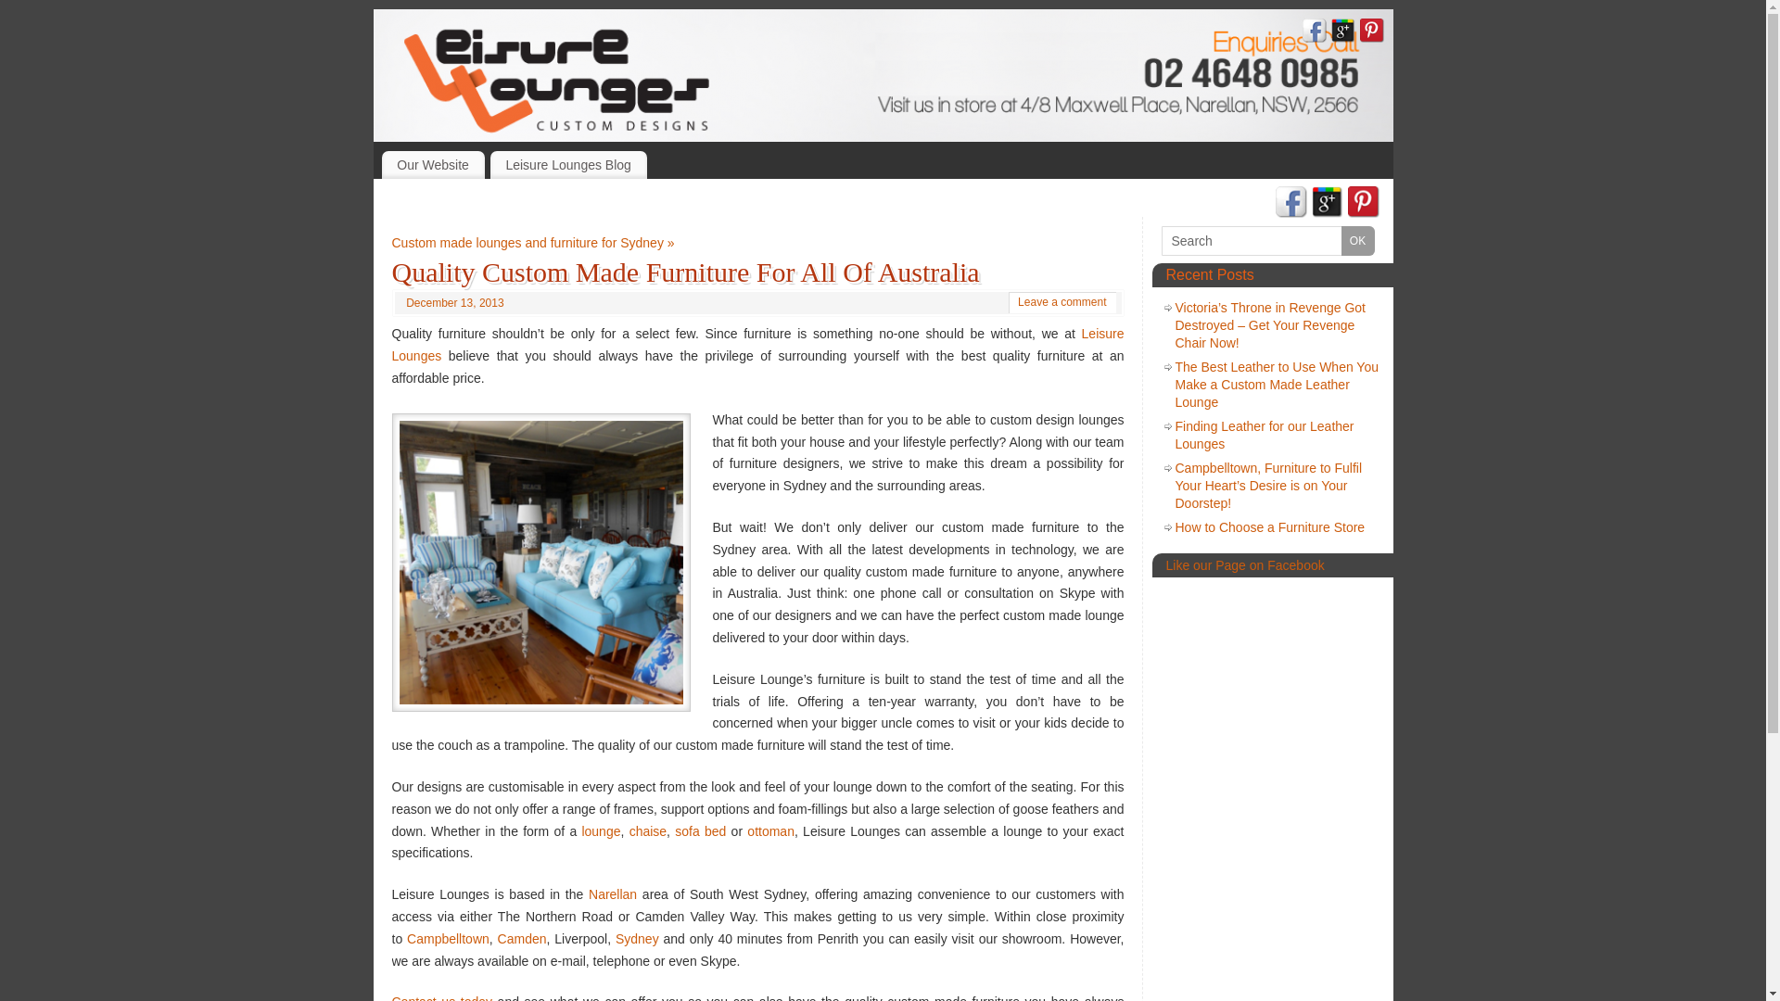  I want to click on 'blue lounge arrangement', so click(539, 561).